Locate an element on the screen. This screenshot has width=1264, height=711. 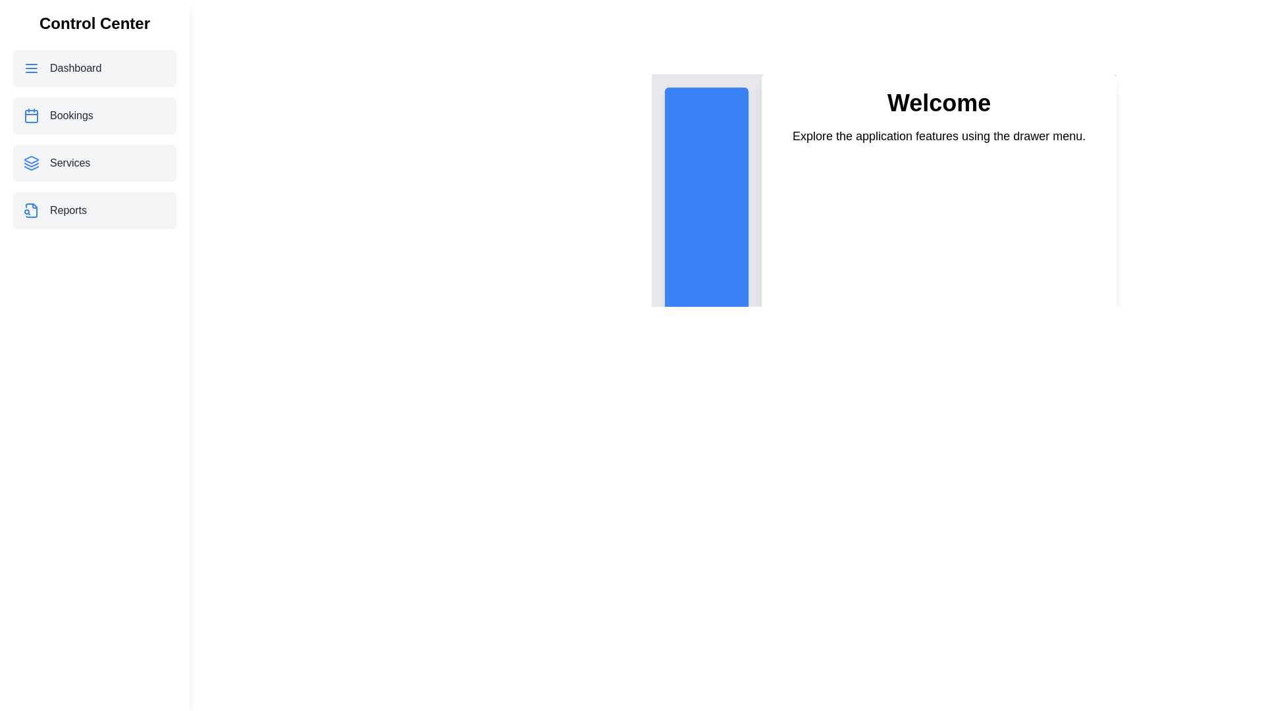
the menu item Reports is located at coordinates (94, 210).